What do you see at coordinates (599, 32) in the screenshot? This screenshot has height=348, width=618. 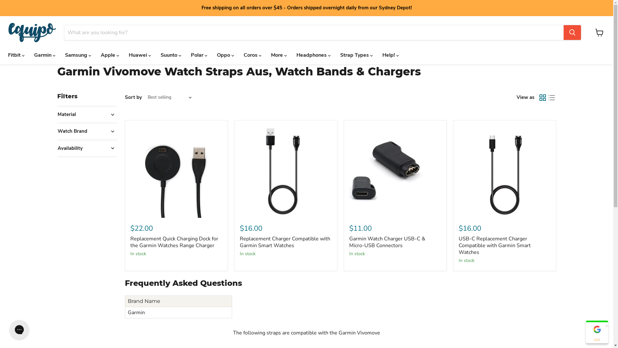 I see `'View cart'` at bounding box center [599, 32].